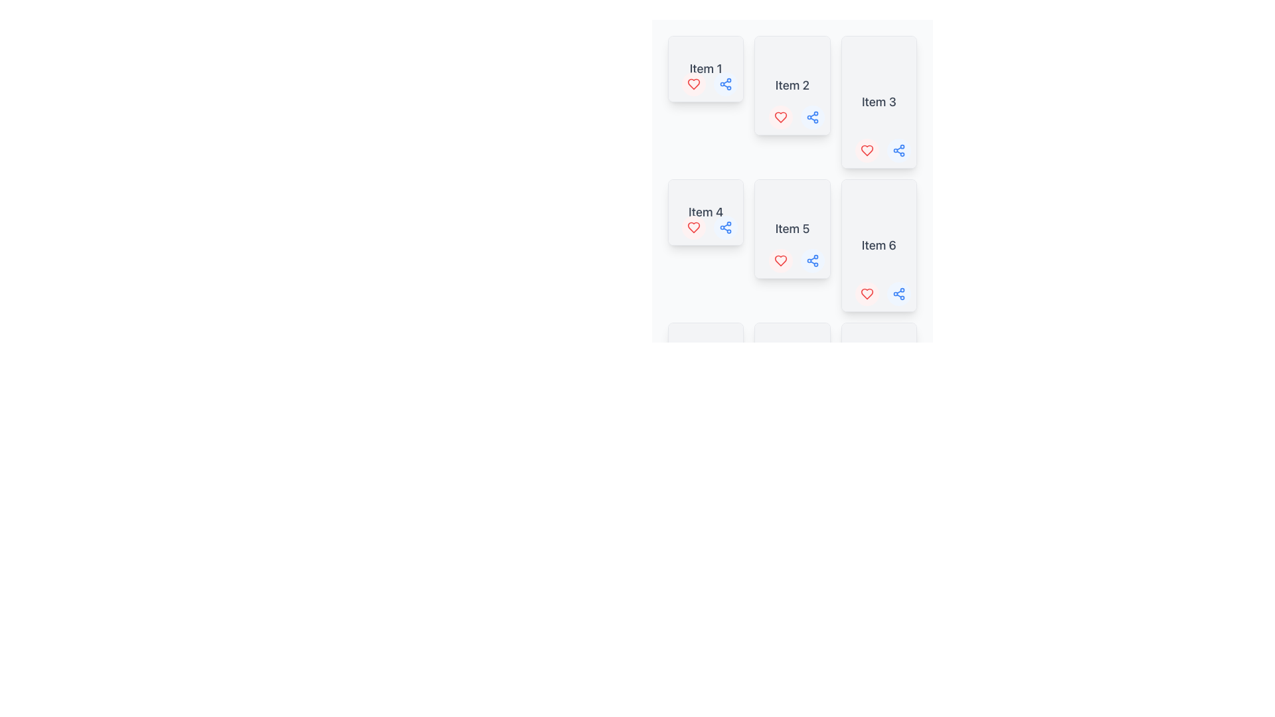 This screenshot has height=717, width=1275. I want to click on the sharing icon, which is a graphical representation of a network with three interconnected circles, located at the bottom-right corner of the 'Item 4' card, so click(725, 227).